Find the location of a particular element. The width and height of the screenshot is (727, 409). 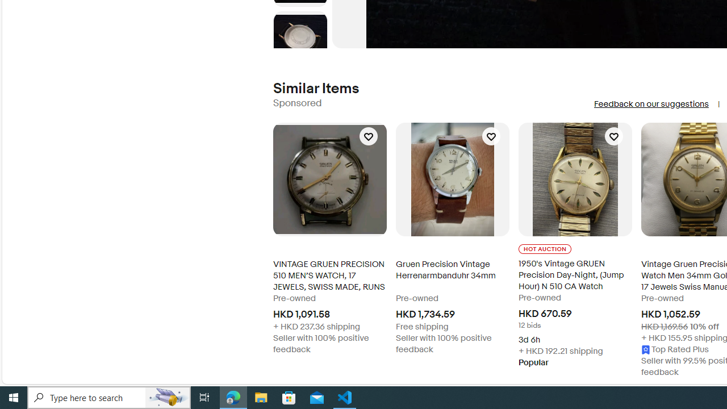

'Feedback on our suggestions' is located at coordinates (651, 104).